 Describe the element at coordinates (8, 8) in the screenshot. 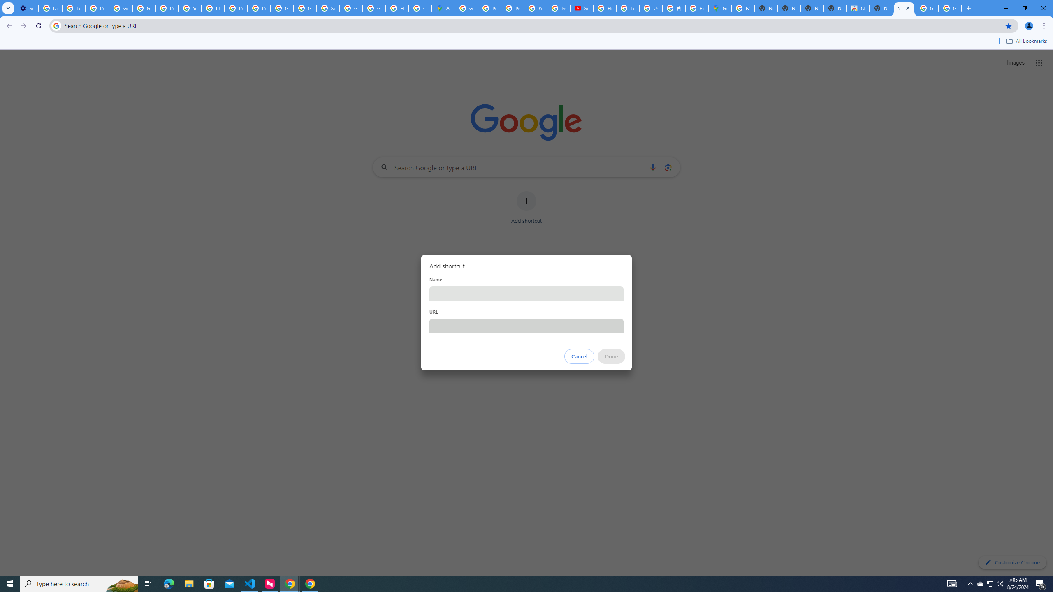

I see `'Search tabs'` at that location.